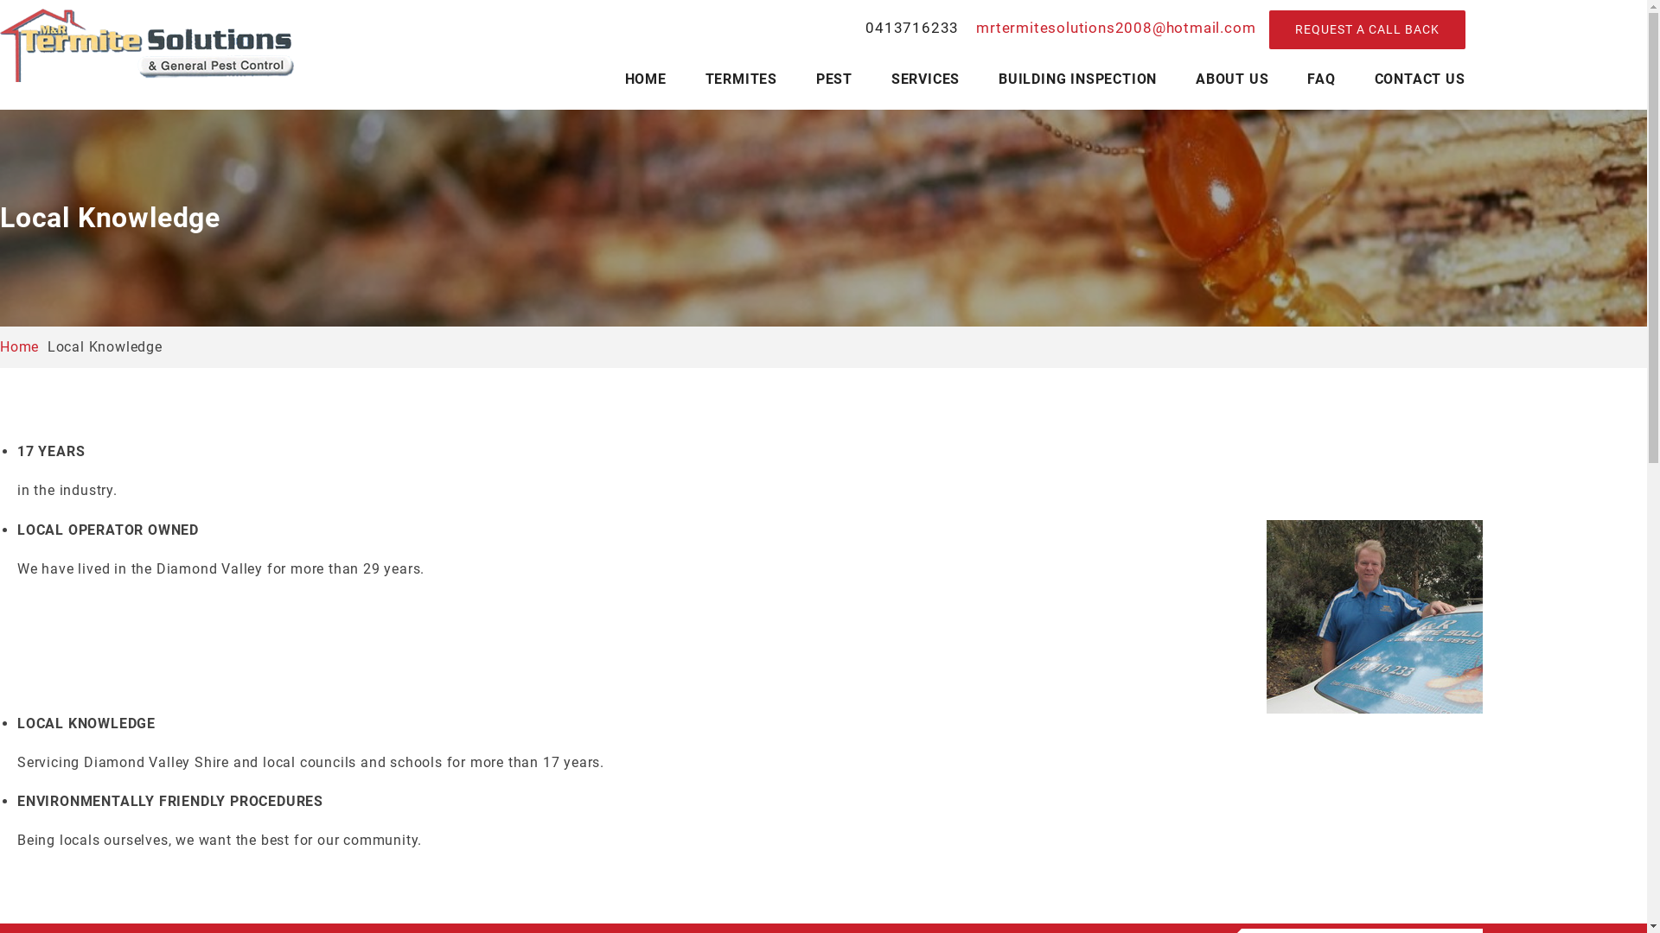  Describe the element at coordinates (1076, 79) in the screenshot. I see `'BUILDING INSPECTION'` at that location.